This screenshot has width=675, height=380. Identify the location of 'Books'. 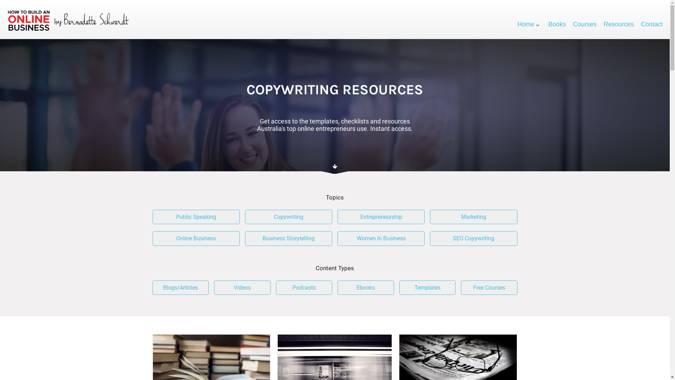
(557, 24).